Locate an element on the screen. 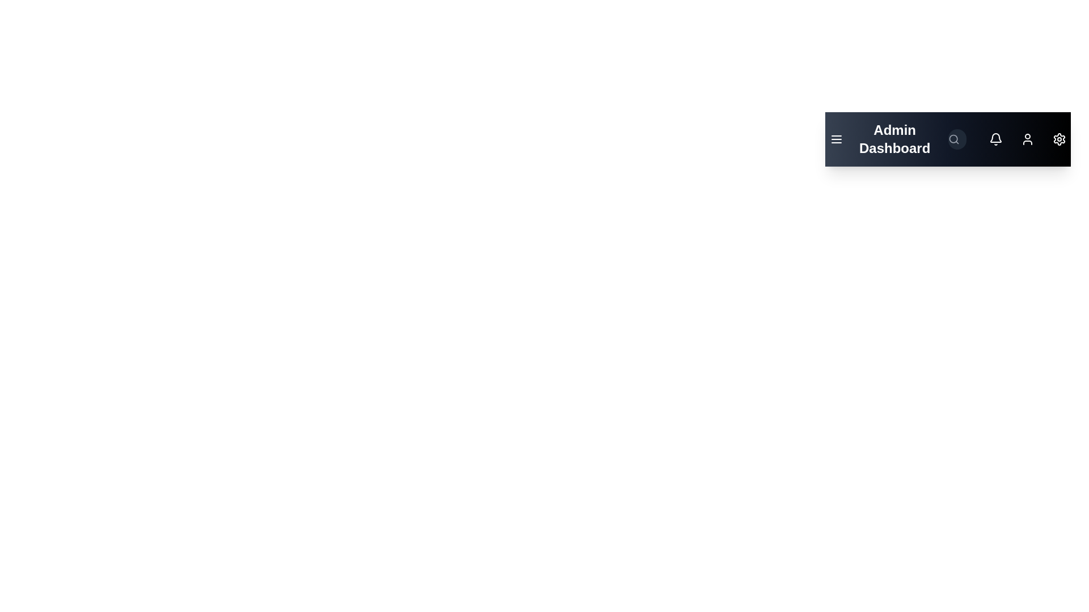  the title text 'Admin Dashboard' is located at coordinates (894, 139).